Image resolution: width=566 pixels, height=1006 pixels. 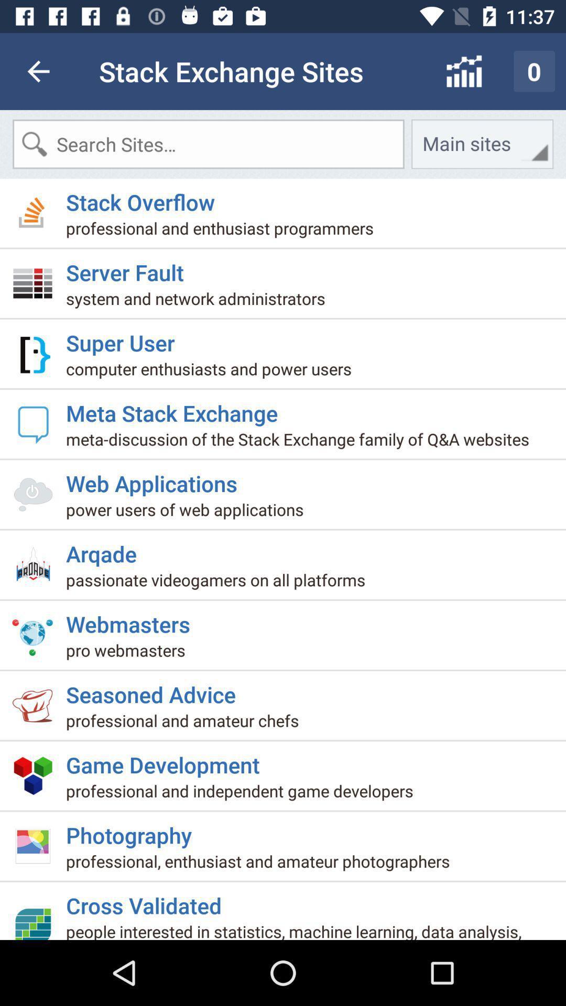 I want to click on search phrase, so click(x=208, y=144).